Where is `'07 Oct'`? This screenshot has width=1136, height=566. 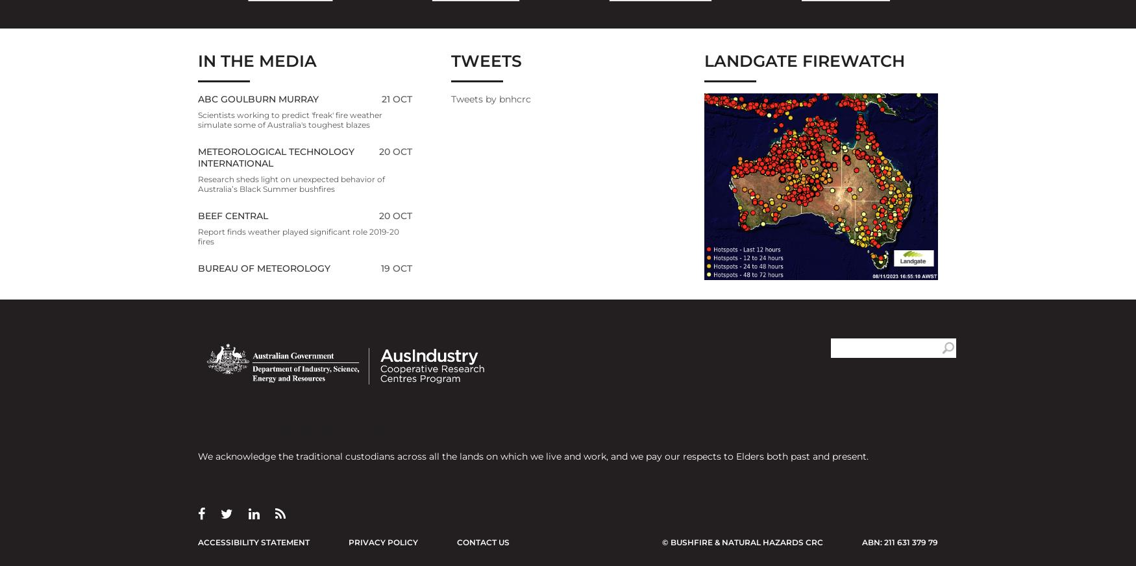 '07 Oct' is located at coordinates (395, 540).